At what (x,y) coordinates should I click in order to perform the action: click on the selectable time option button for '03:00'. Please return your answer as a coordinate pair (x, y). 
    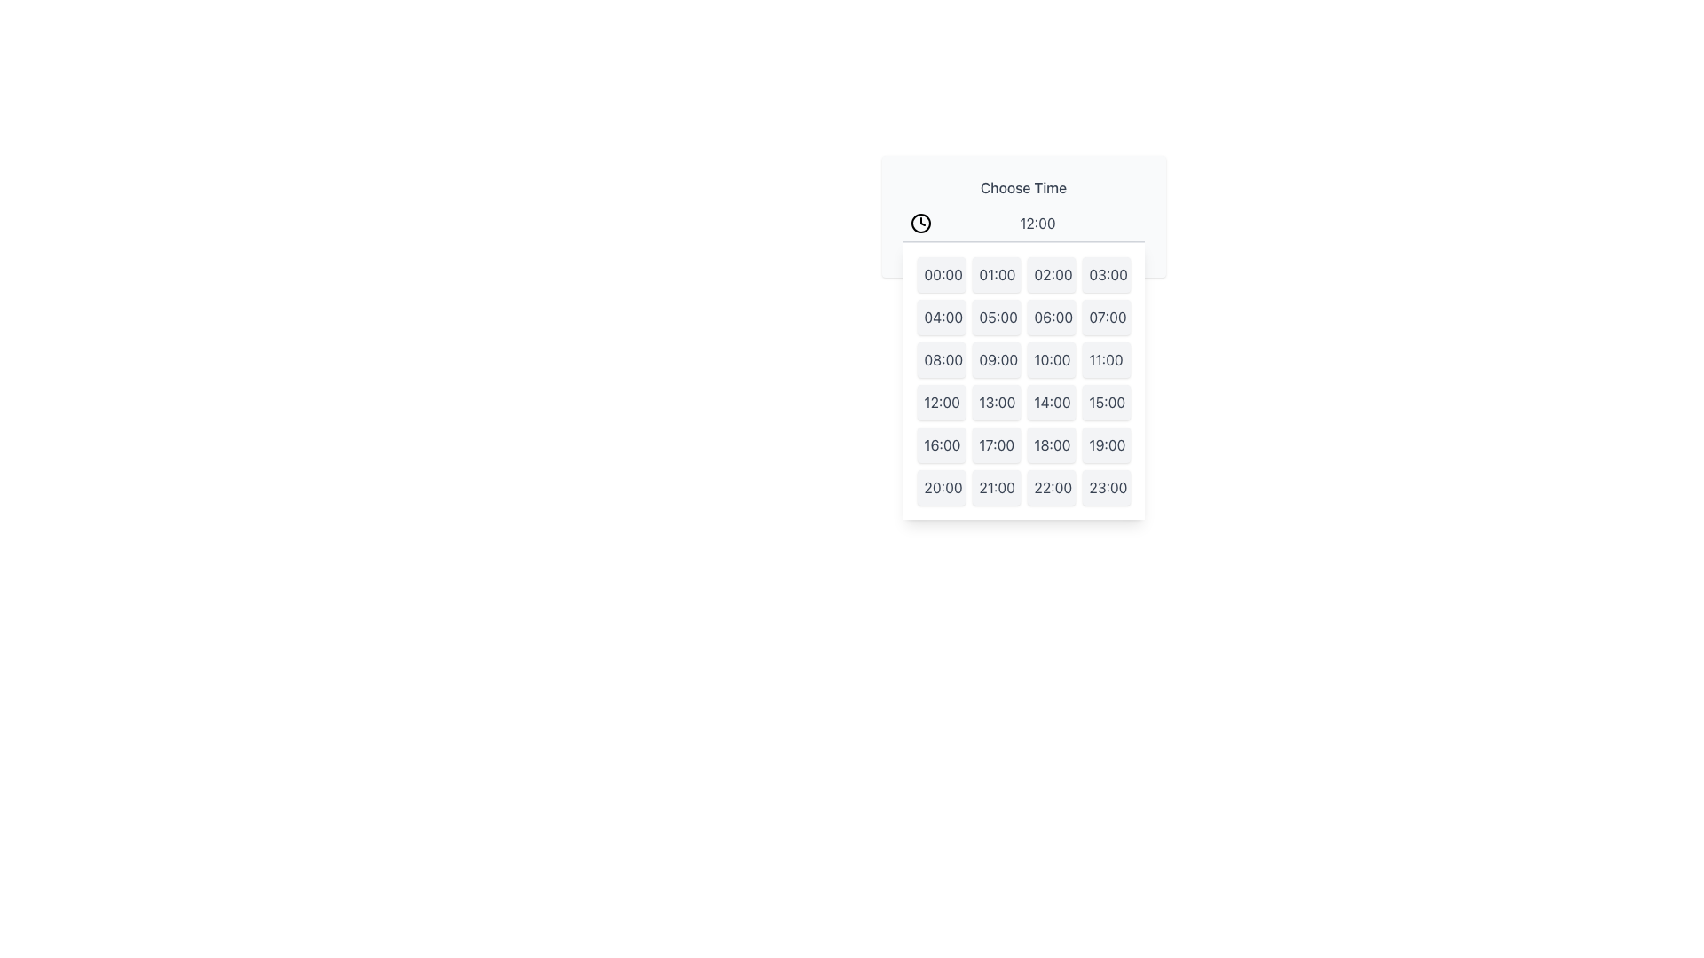
    Looking at the image, I should click on (1105, 274).